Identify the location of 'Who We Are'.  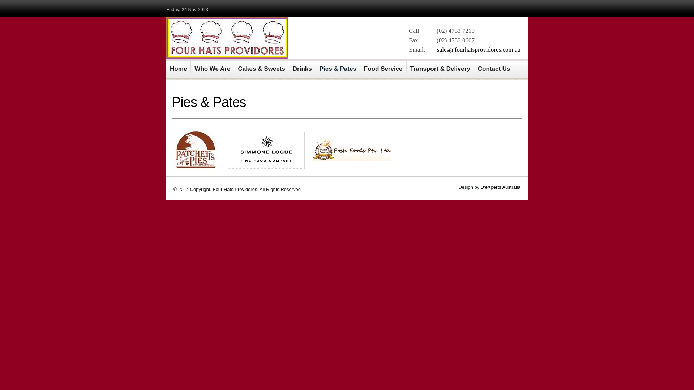
(212, 67).